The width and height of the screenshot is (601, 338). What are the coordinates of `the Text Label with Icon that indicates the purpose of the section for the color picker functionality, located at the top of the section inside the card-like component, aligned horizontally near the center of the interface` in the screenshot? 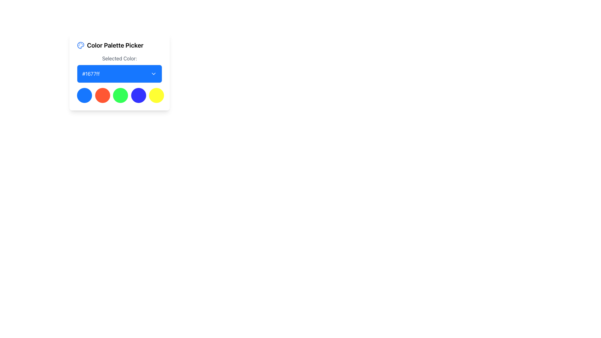 It's located at (120, 45).